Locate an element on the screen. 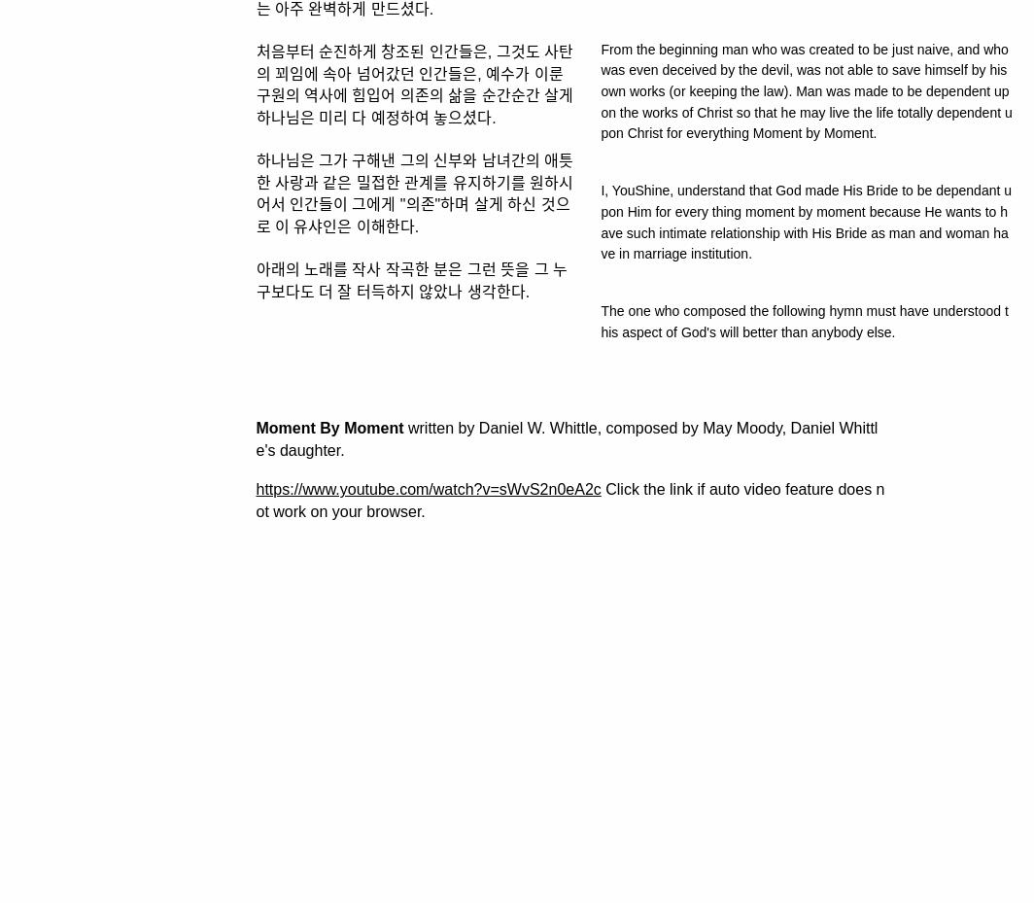 The width and height of the screenshot is (1034, 903). 'Click the link if auto video feature does not work on your browser.' is located at coordinates (569, 500).